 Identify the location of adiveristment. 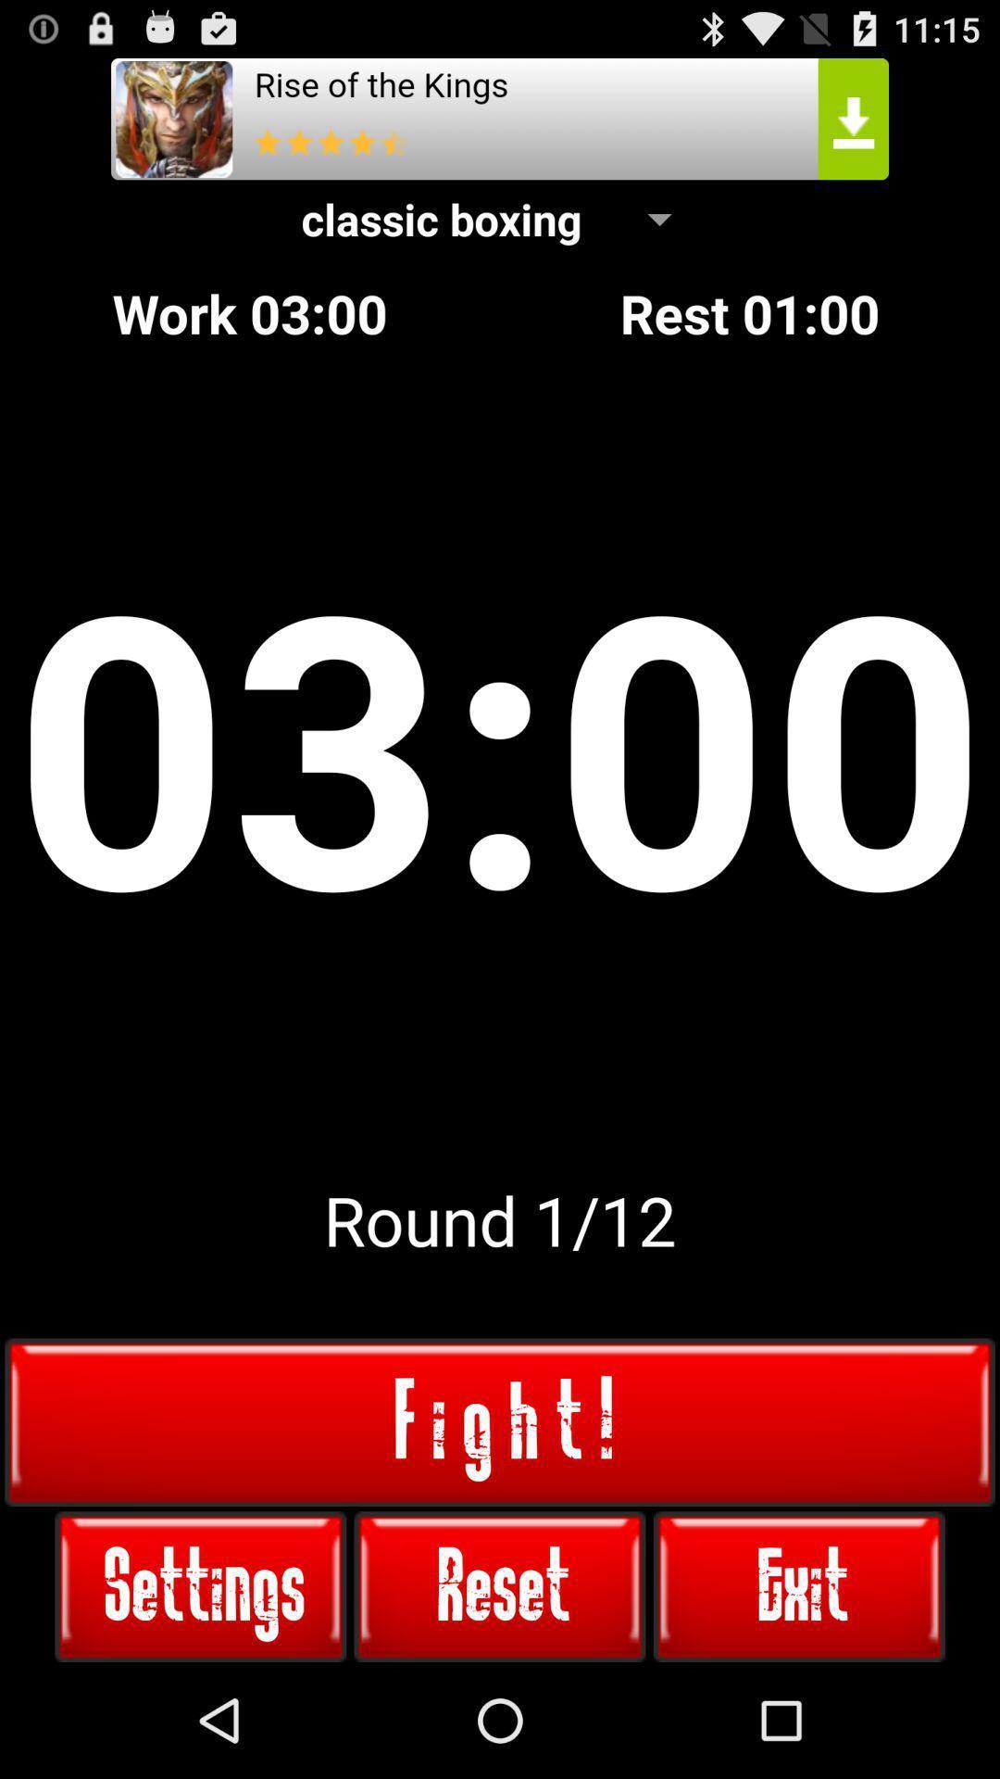
(500, 118).